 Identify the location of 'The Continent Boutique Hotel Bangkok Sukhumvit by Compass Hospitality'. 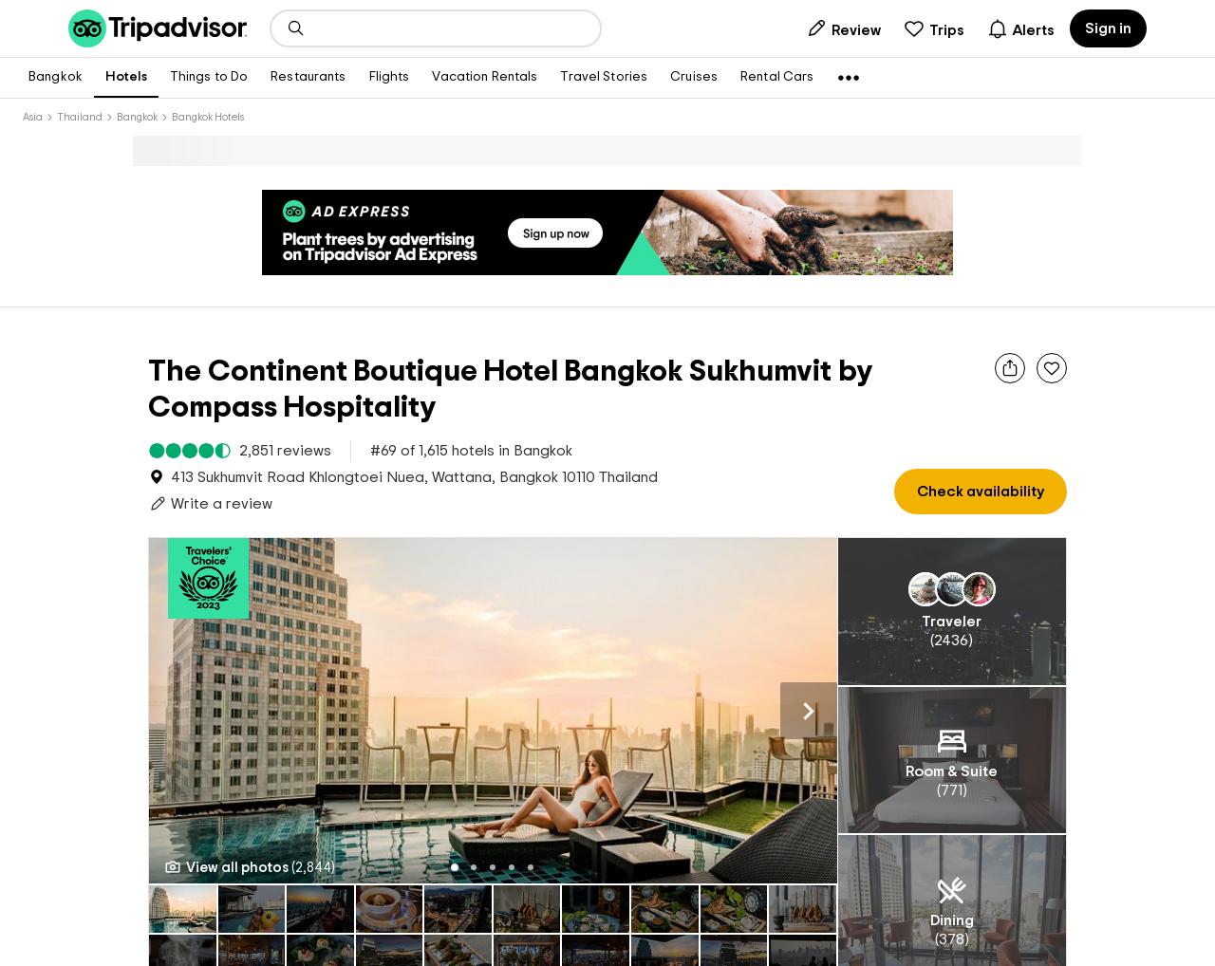
(510, 358).